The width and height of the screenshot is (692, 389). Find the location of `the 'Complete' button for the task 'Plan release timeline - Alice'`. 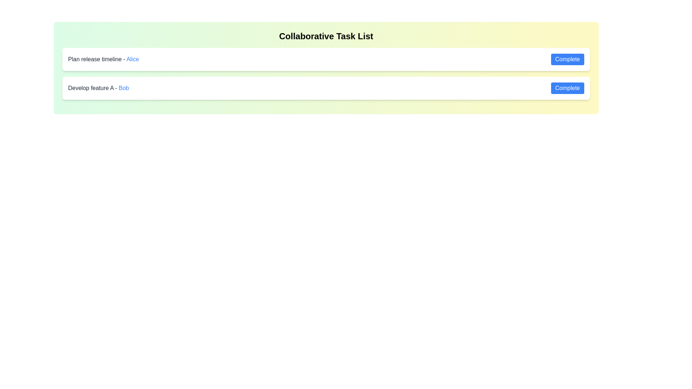

the 'Complete' button for the task 'Plan release timeline - Alice' is located at coordinates (567, 59).